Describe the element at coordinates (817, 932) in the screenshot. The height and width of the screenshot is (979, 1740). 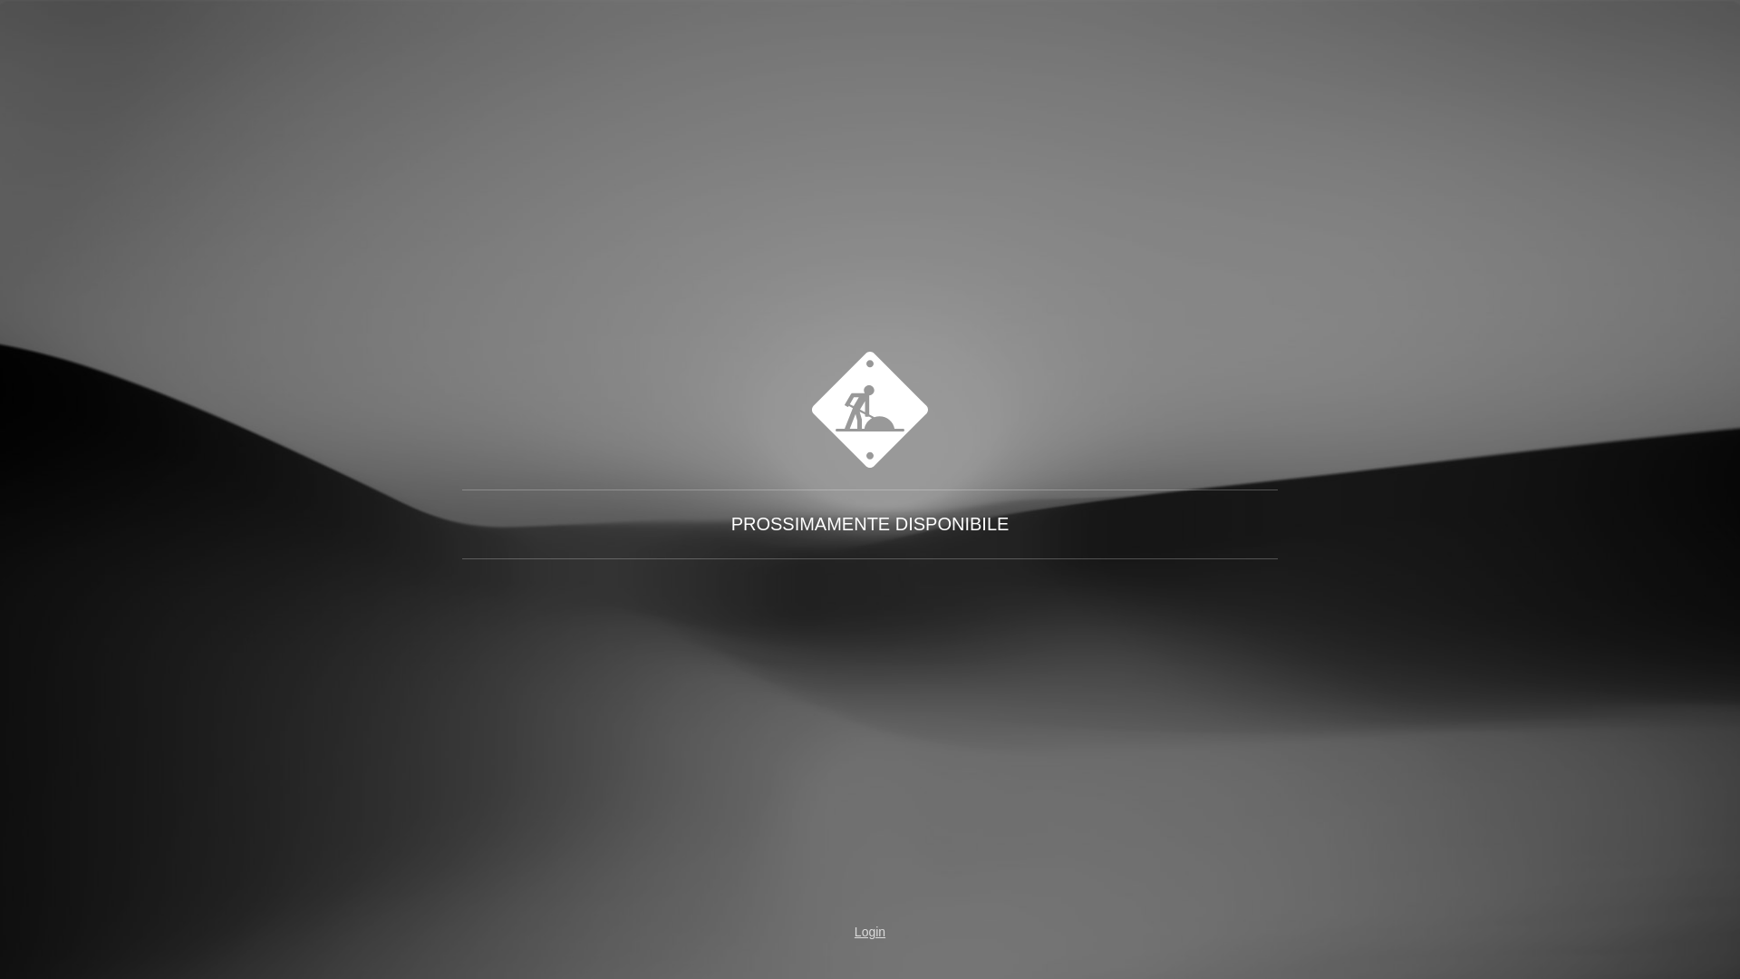
I see `'Login'` at that location.